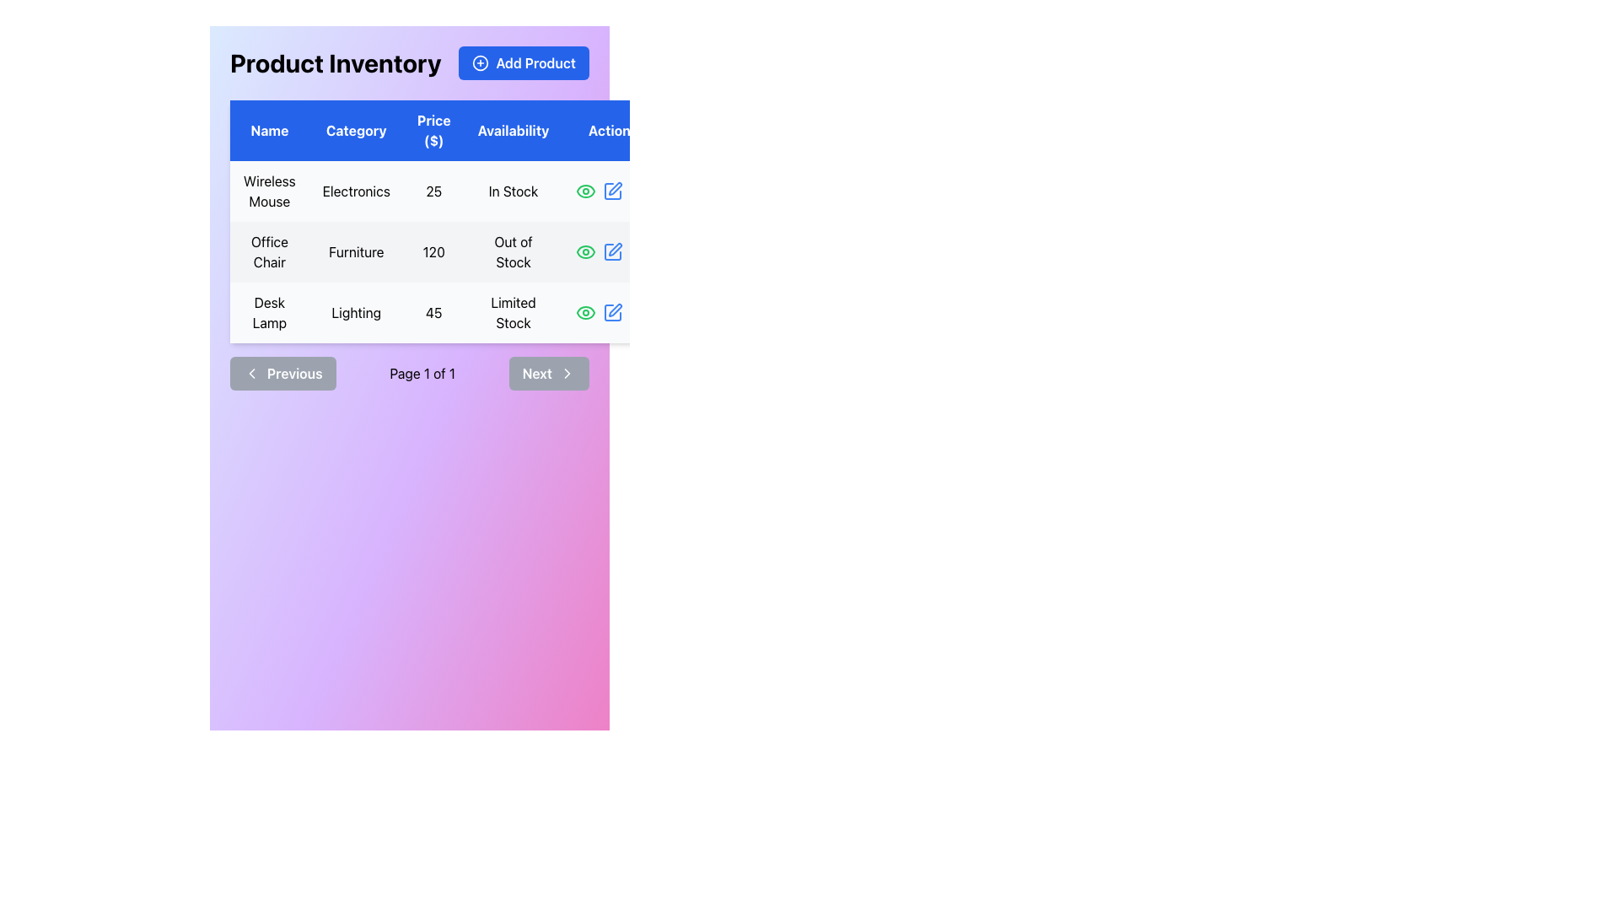  Describe the element at coordinates (586, 191) in the screenshot. I see `the Icon Button located under the 'Actions' column in the first row of the table` at that location.